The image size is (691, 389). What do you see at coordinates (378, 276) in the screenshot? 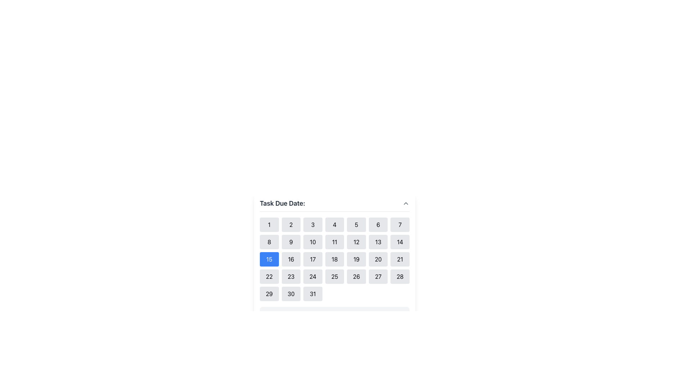
I see `the button labeled '27' with a light gray background and rounded corners, located in the bottom-right section of a grid layout` at bounding box center [378, 276].